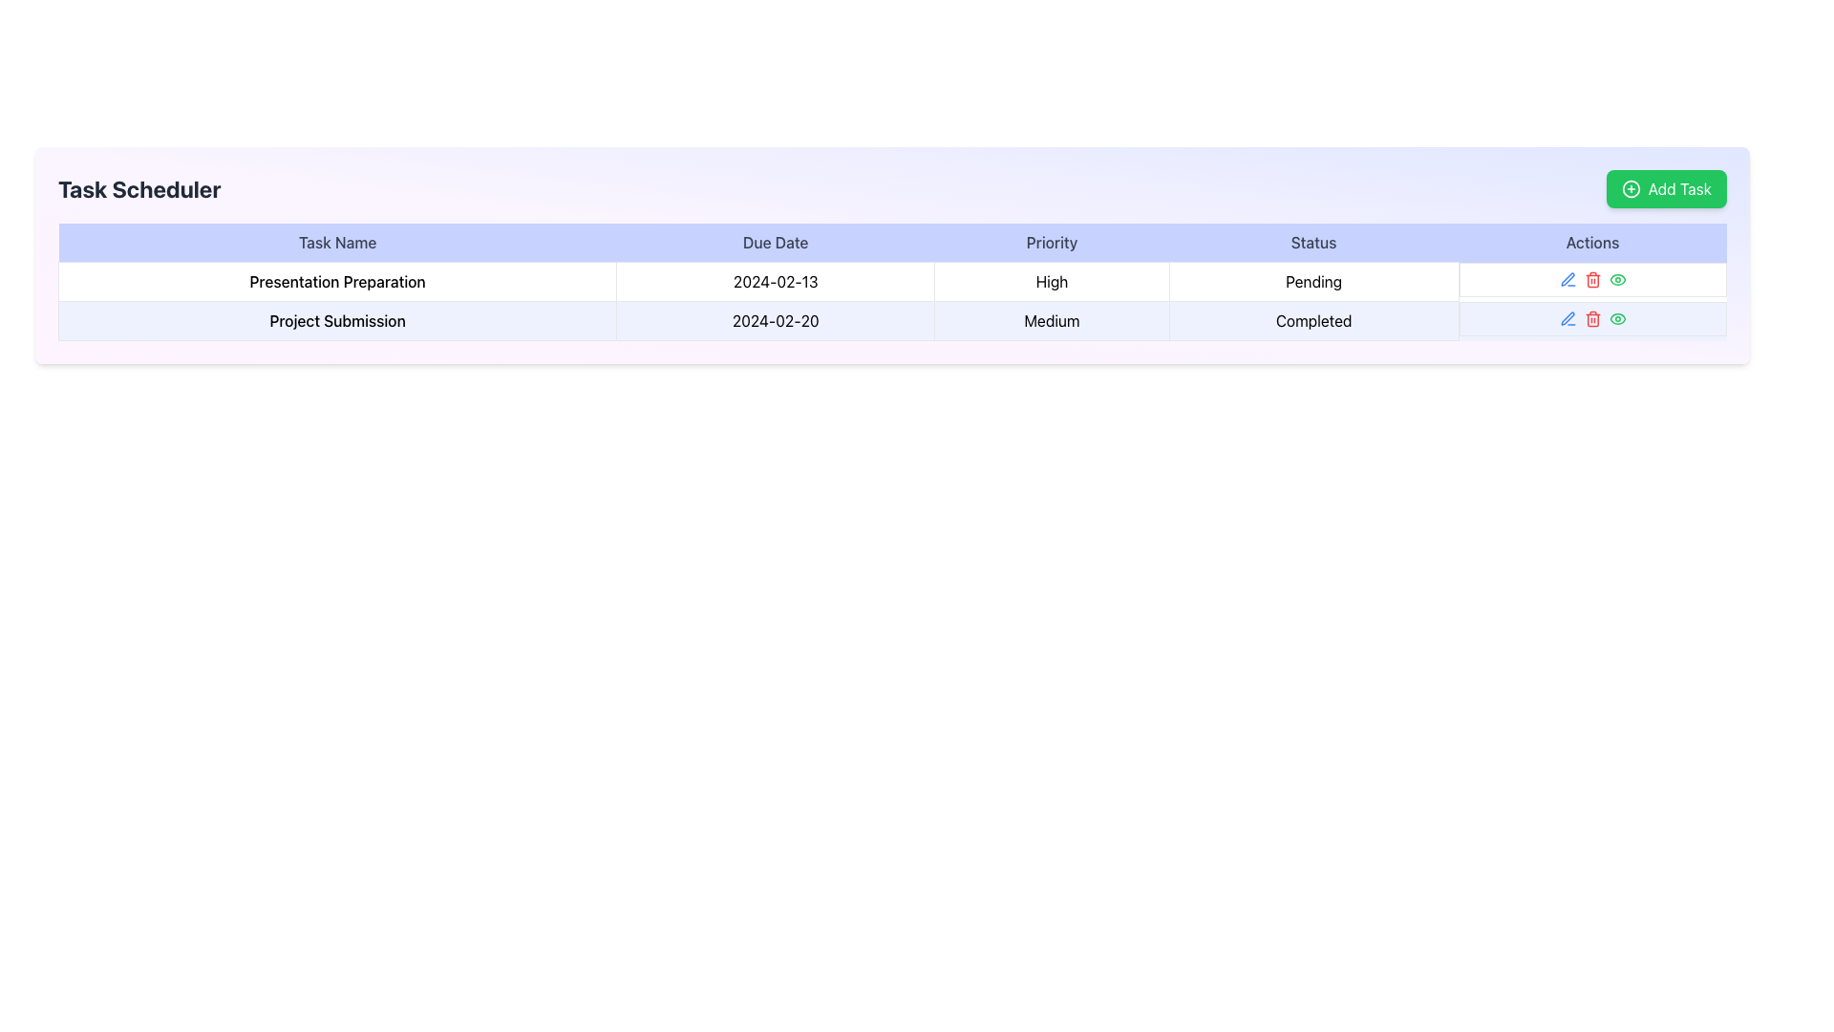 This screenshot has height=1032, width=1834. I want to click on the task name cell in the first row of the task scheduler table, which is located under the 'Task Name' column and is the leftmost cell, so click(337, 281).